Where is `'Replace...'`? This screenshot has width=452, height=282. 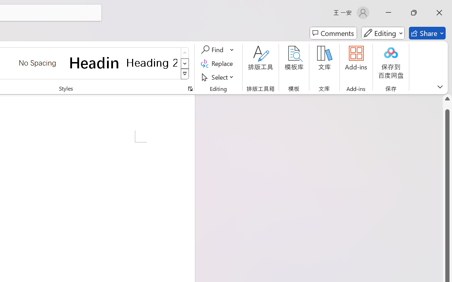 'Replace...' is located at coordinates (218, 63).